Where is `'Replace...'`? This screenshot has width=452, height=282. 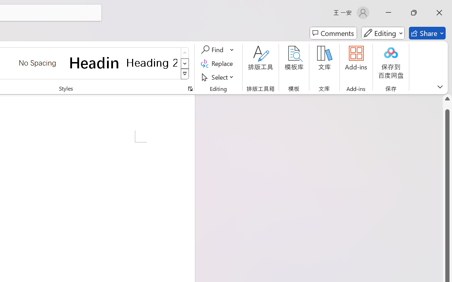 'Replace...' is located at coordinates (218, 63).